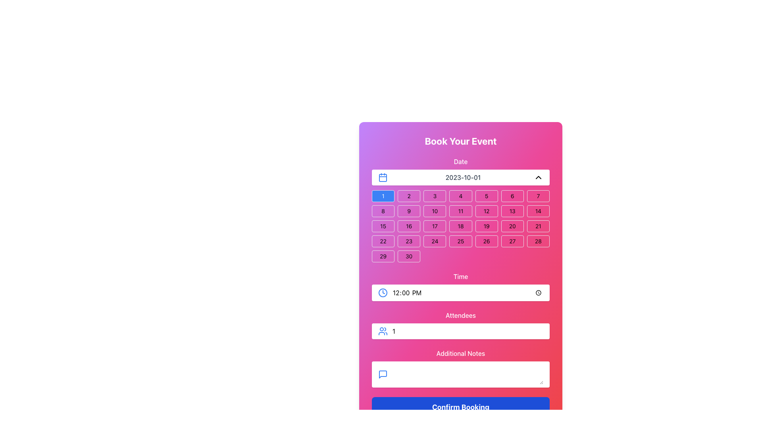 This screenshot has width=762, height=428. What do you see at coordinates (434, 226) in the screenshot?
I see `the button displaying the number '17', located in the third row and third column of the grid in the calendar widget` at bounding box center [434, 226].